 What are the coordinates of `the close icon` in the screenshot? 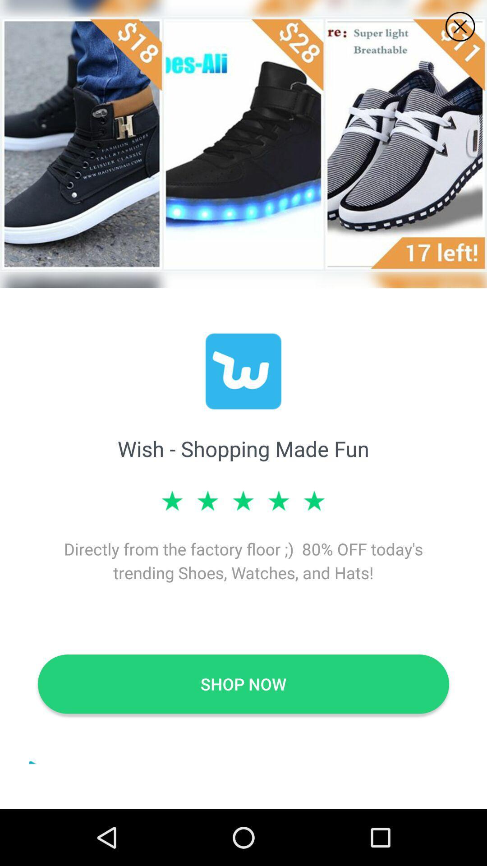 It's located at (460, 27).